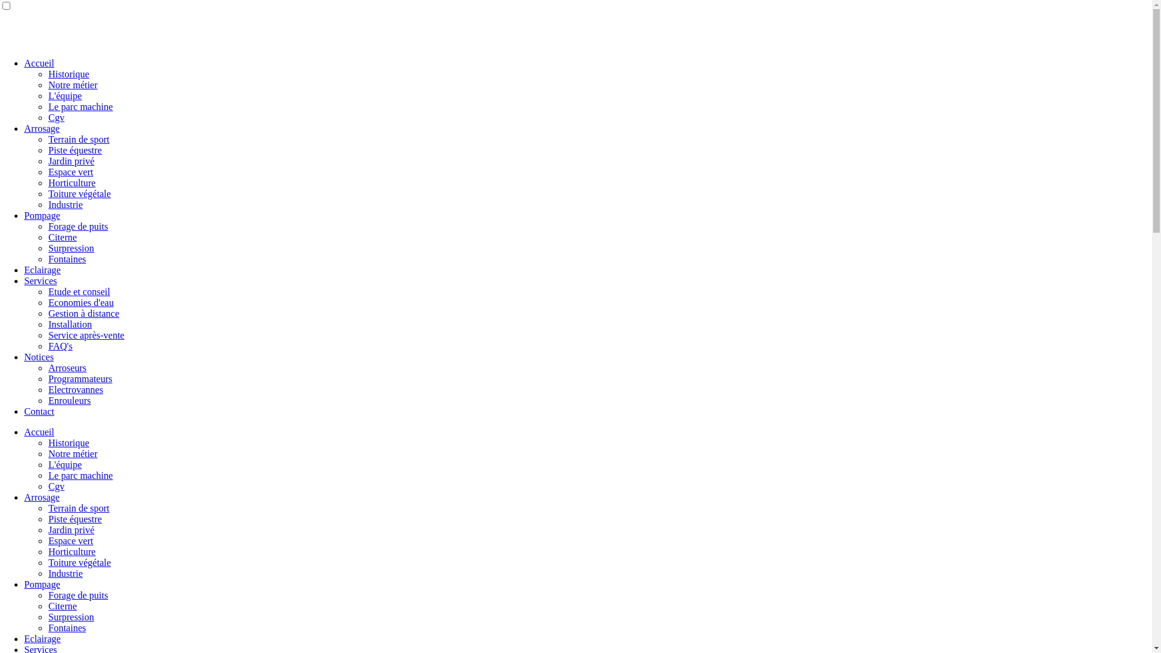  Describe the element at coordinates (24, 411) in the screenshot. I see `'Contact'` at that location.